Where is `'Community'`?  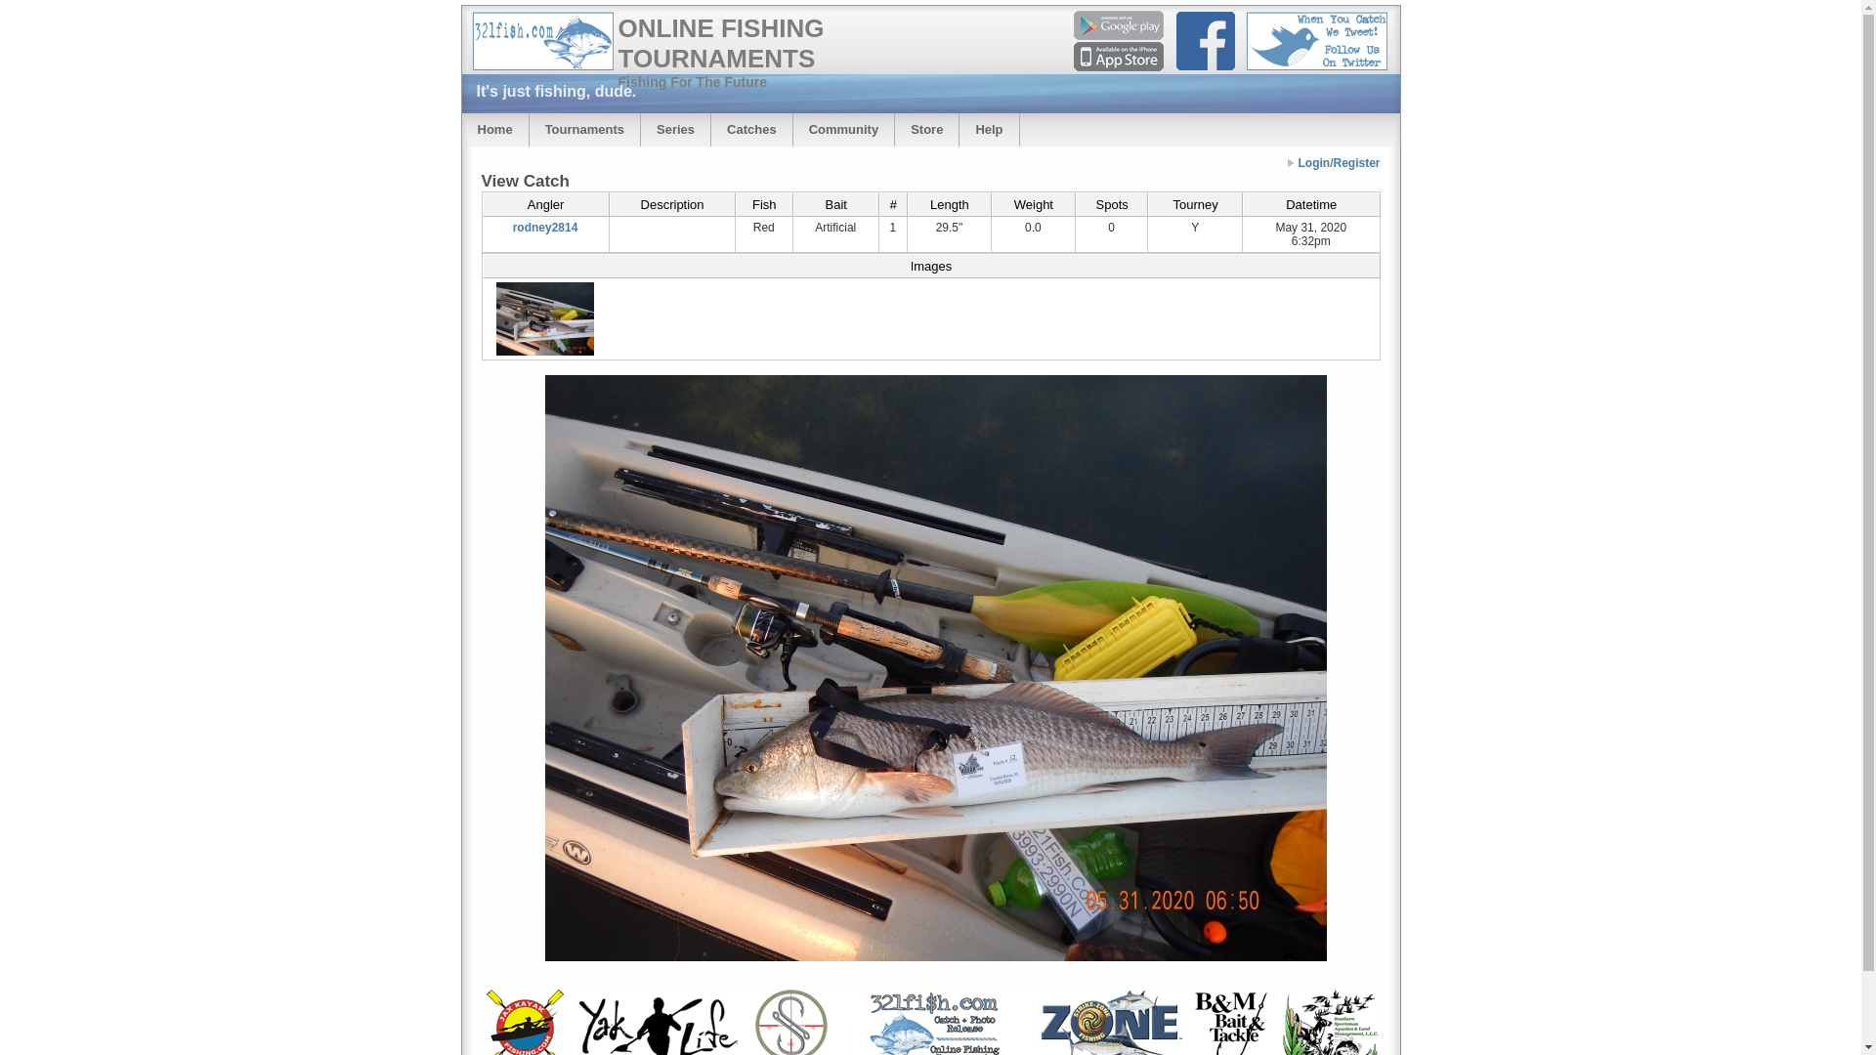
'Community' is located at coordinates (792, 129).